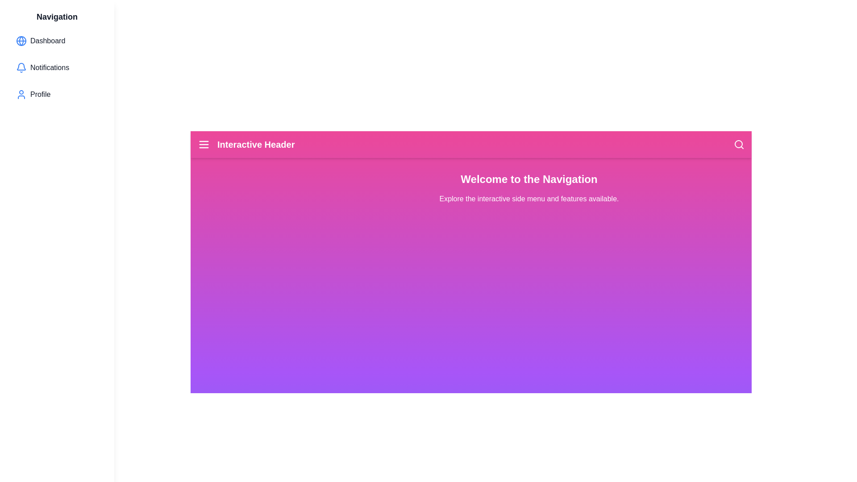 The width and height of the screenshot is (857, 482). What do you see at coordinates (203, 144) in the screenshot?
I see `the menu icon to toggle the sidebar visibility` at bounding box center [203, 144].